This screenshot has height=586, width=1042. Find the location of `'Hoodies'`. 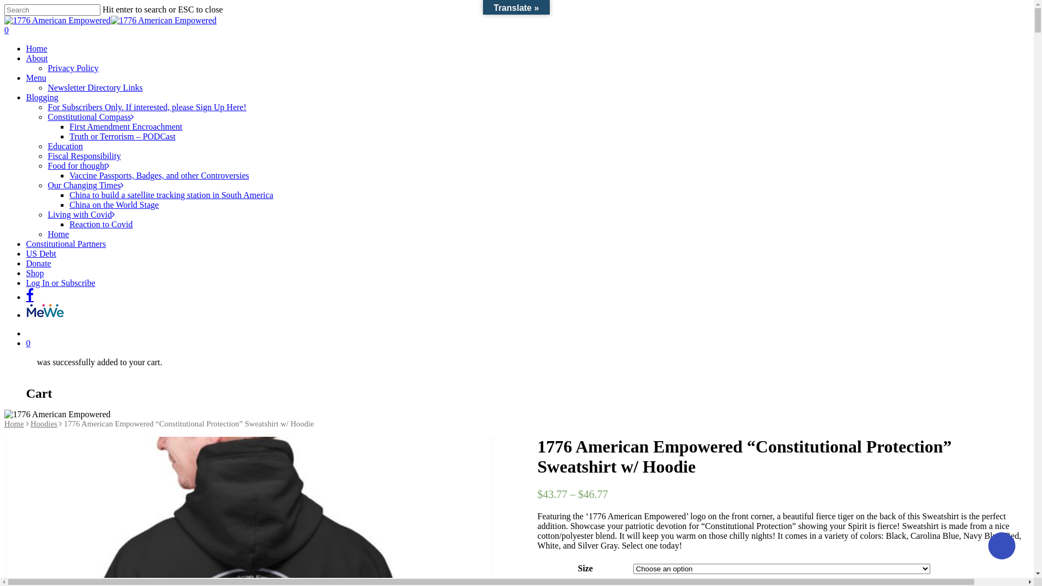

'Hoodies' is located at coordinates (30, 423).